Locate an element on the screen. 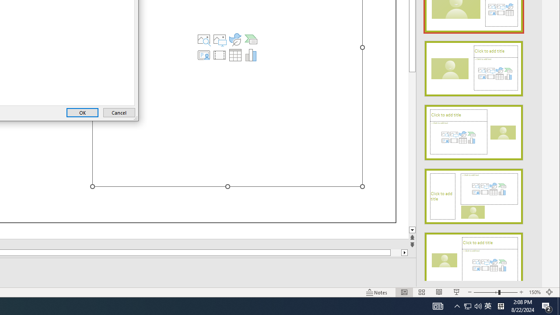 The width and height of the screenshot is (560, 315). 'OK' is located at coordinates (82, 112).